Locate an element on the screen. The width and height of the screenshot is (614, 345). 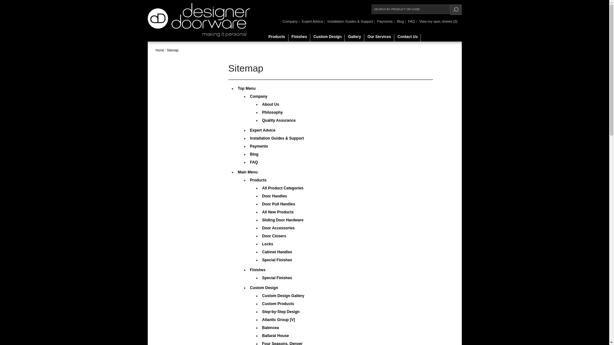
'Blog' is located at coordinates (400, 21).